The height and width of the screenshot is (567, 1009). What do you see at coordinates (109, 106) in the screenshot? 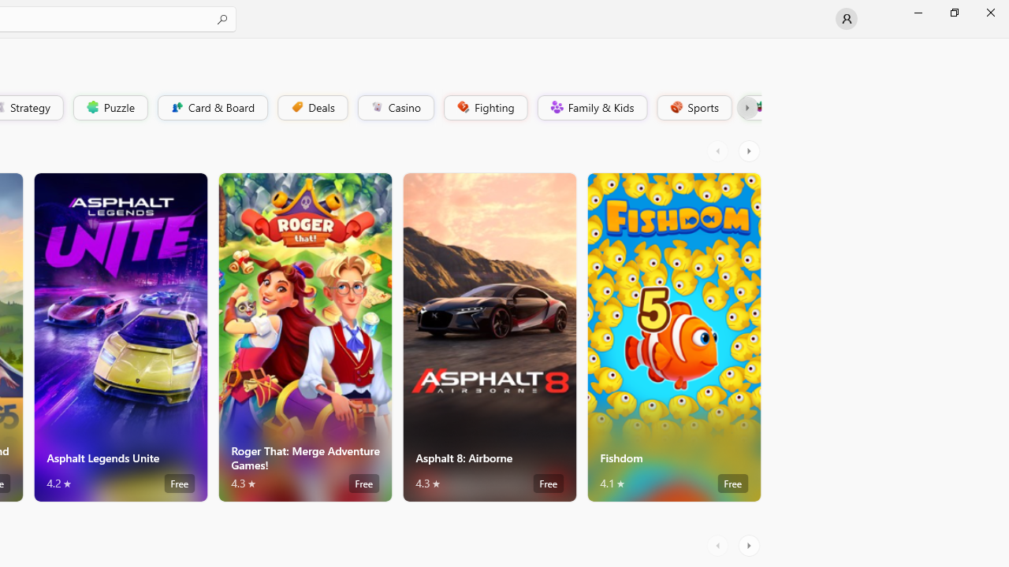
I see `'Puzzle'` at bounding box center [109, 106].